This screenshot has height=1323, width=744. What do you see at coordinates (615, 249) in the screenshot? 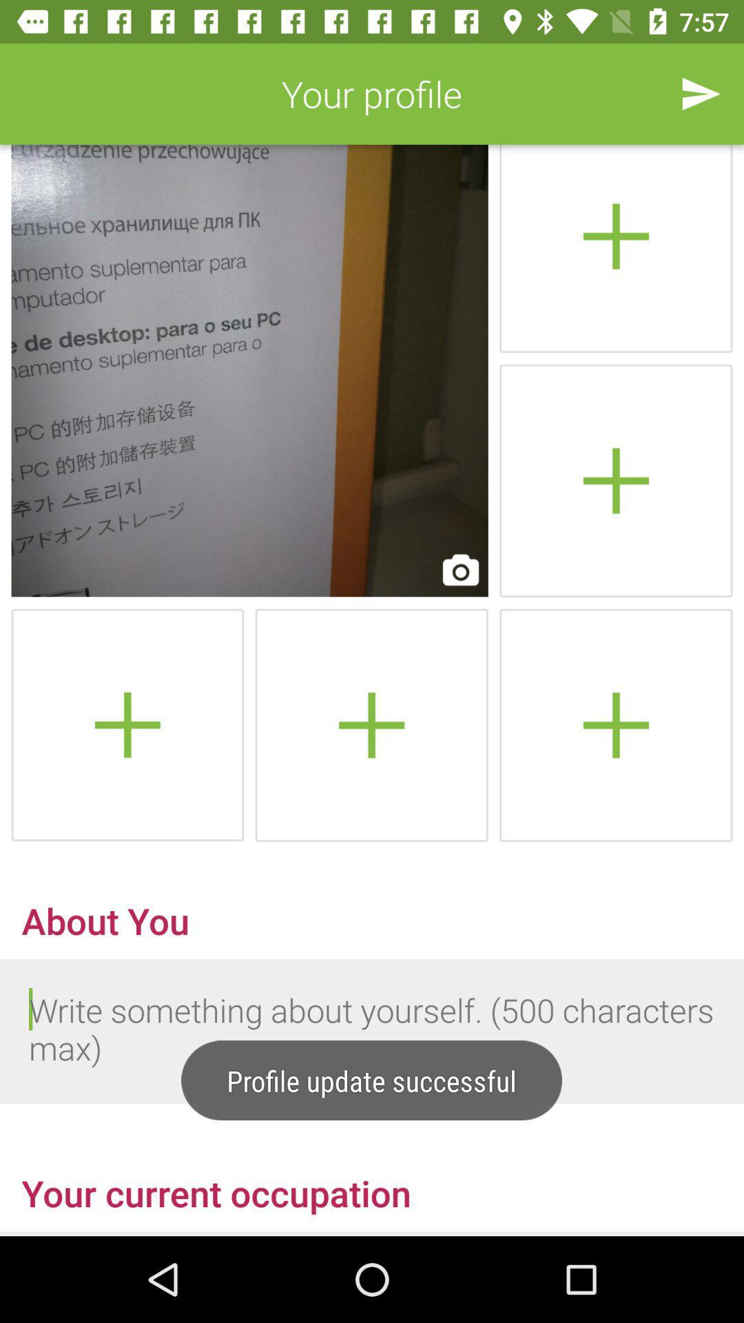
I see `upload or add photo` at bounding box center [615, 249].